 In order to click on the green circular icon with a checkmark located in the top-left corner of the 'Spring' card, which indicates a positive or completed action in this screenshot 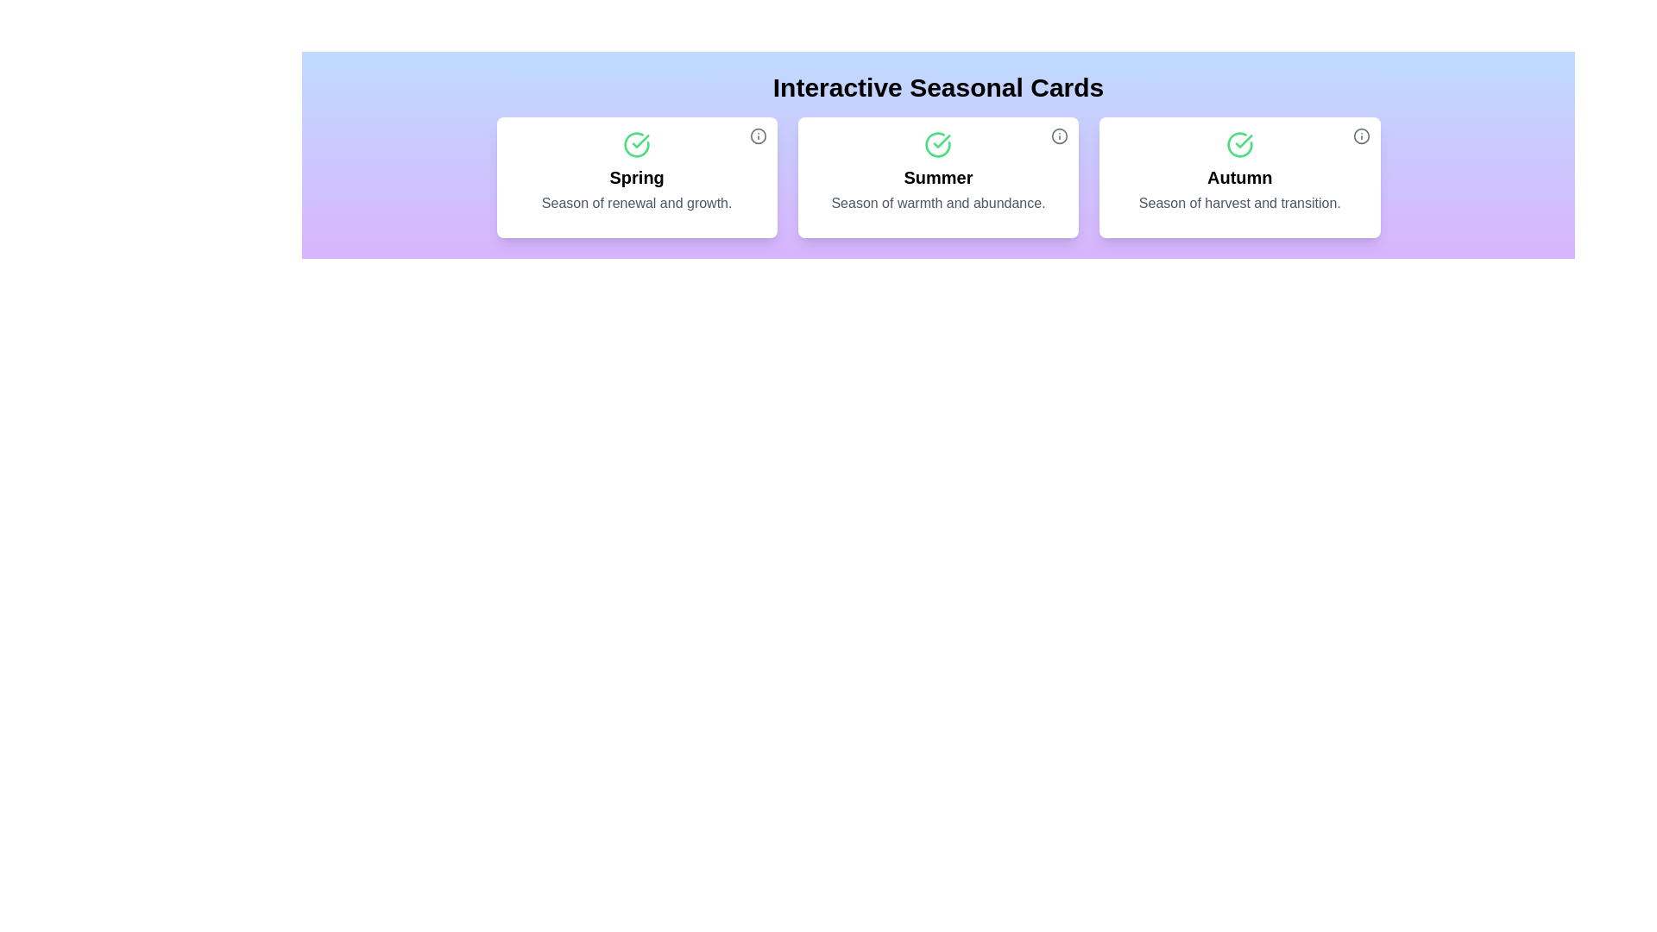, I will do `click(636, 144)`.